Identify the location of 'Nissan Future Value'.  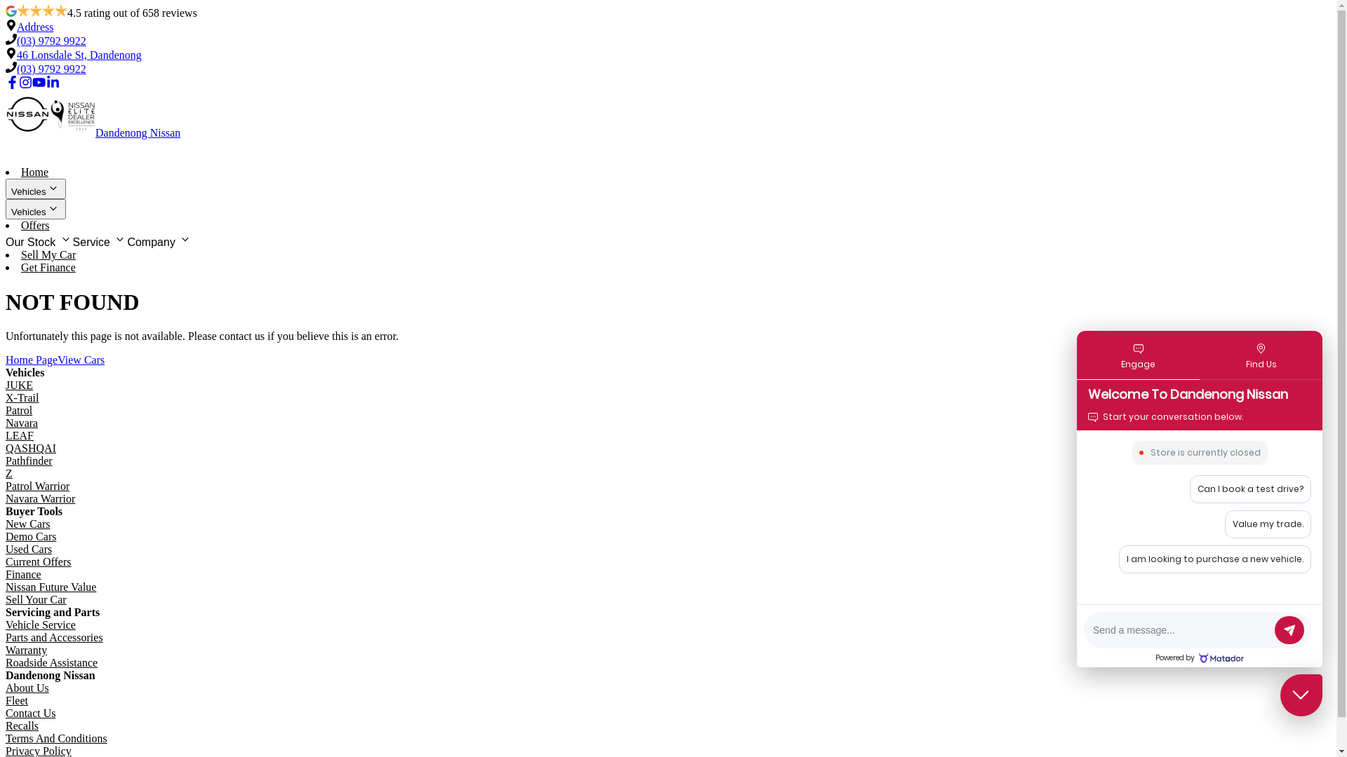
(6, 587).